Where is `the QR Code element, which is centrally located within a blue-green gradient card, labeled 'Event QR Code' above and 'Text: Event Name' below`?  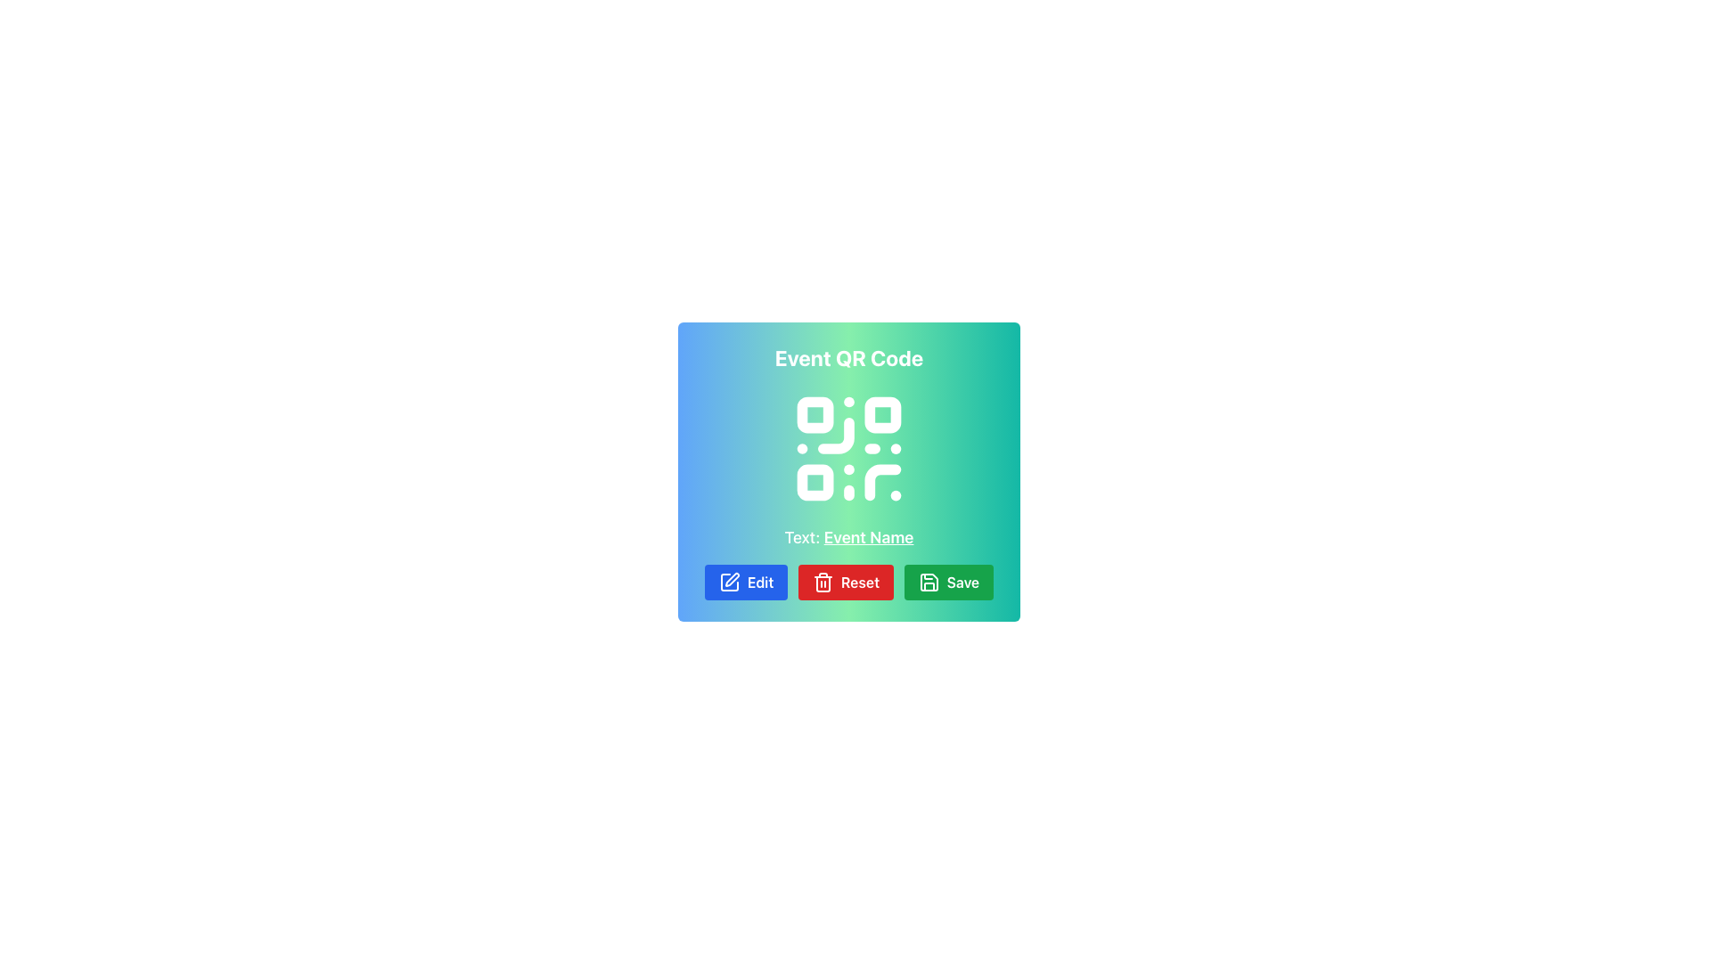
the QR Code element, which is centrally located within a blue-green gradient card, labeled 'Event QR Code' above and 'Text: Event Name' below is located at coordinates (848, 448).